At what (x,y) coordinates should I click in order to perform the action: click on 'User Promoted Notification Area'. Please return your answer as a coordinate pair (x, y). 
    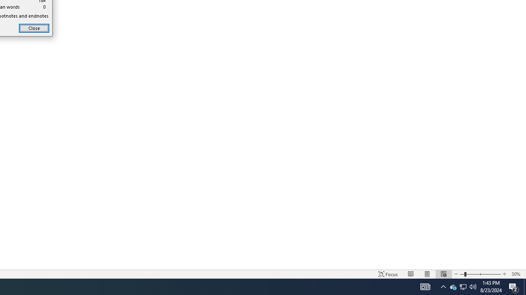
    Looking at the image, I should click on (463, 286).